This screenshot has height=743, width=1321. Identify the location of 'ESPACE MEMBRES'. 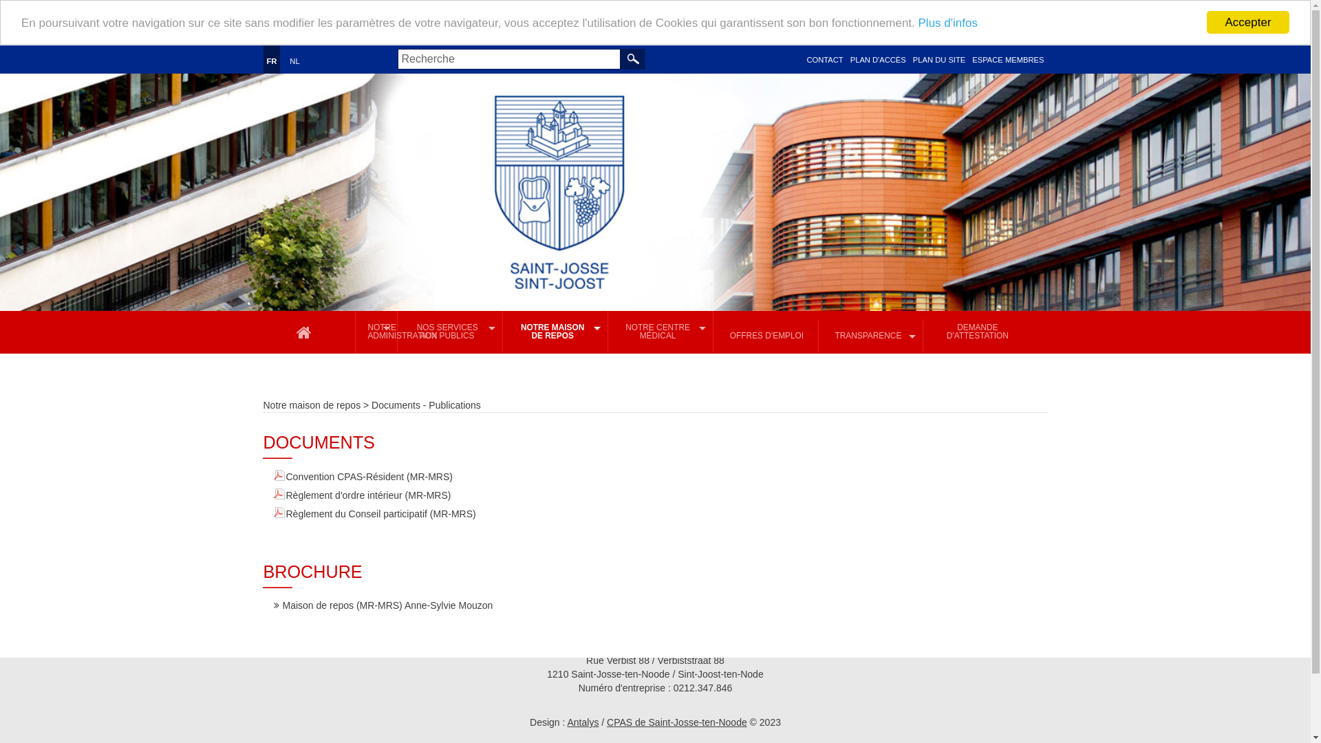
(1007, 59).